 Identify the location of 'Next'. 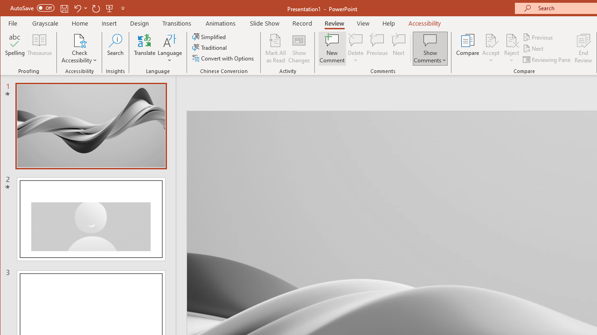
(534, 48).